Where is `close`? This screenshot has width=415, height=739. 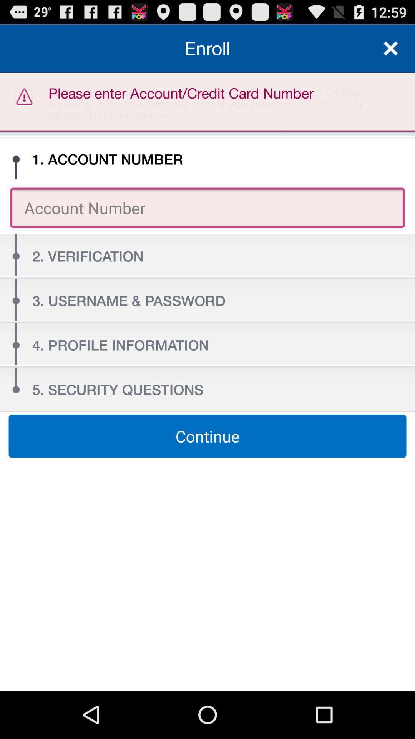
close is located at coordinates (391, 48).